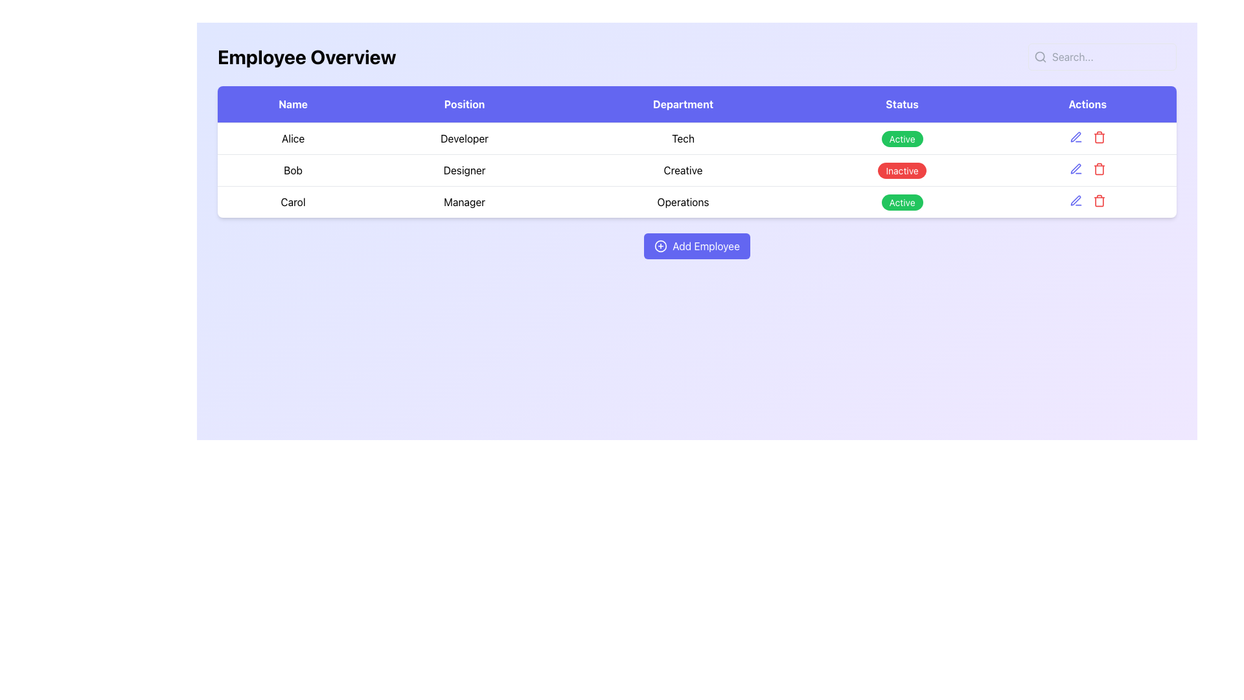 The height and width of the screenshot is (700, 1244). What do you see at coordinates (465, 169) in the screenshot?
I see `the 'Designer' text label in the 'Position' column of the table, which is located under the header 'Position' and associated with the row for 'Bob'` at bounding box center [465, 169].